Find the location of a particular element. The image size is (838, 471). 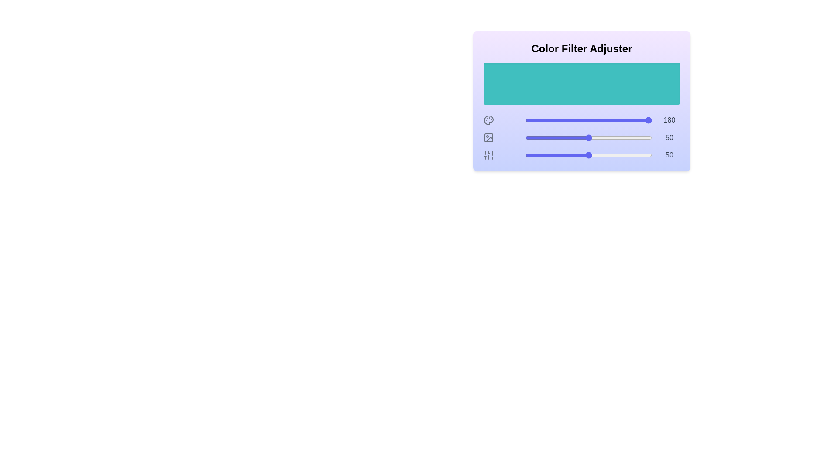

the Hue slider to a value of 16 is located at coordinates (545, 120).